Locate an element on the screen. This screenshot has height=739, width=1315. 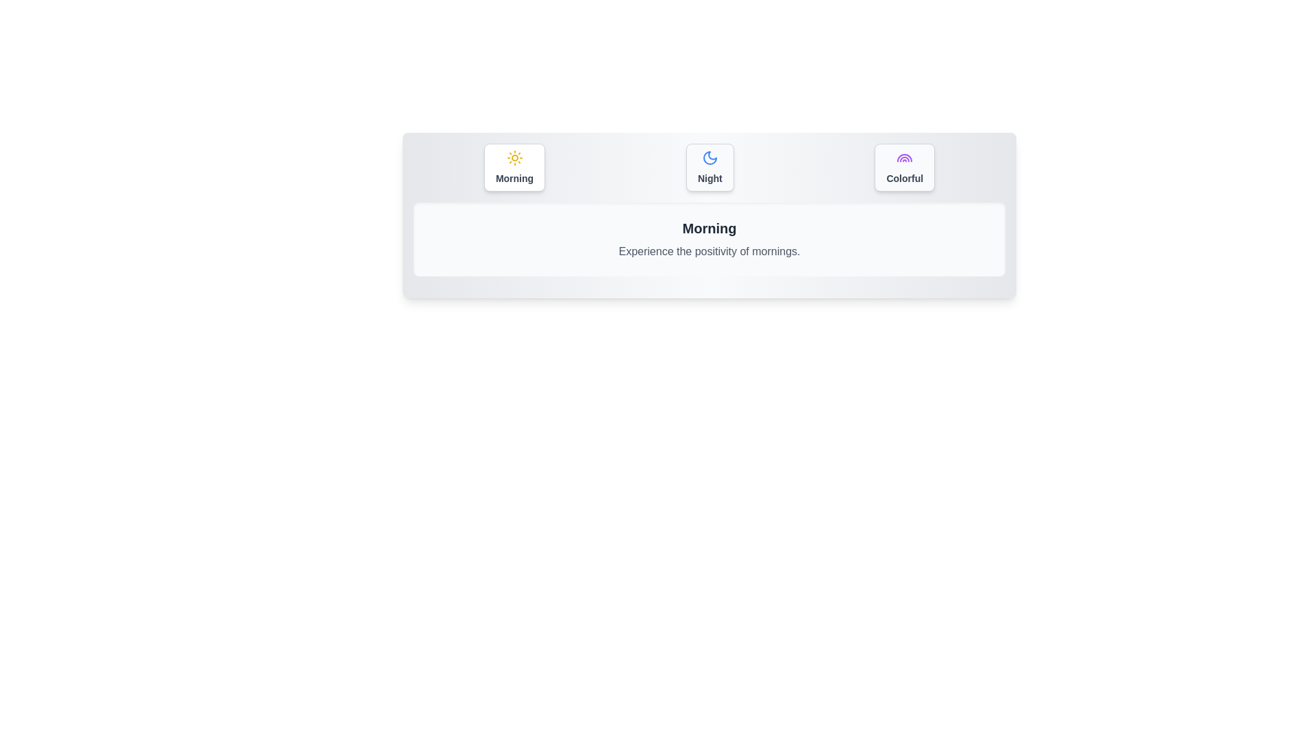
the tab button labeled 'Colorful' to switch to that tab is located at coordinates (905, 167).